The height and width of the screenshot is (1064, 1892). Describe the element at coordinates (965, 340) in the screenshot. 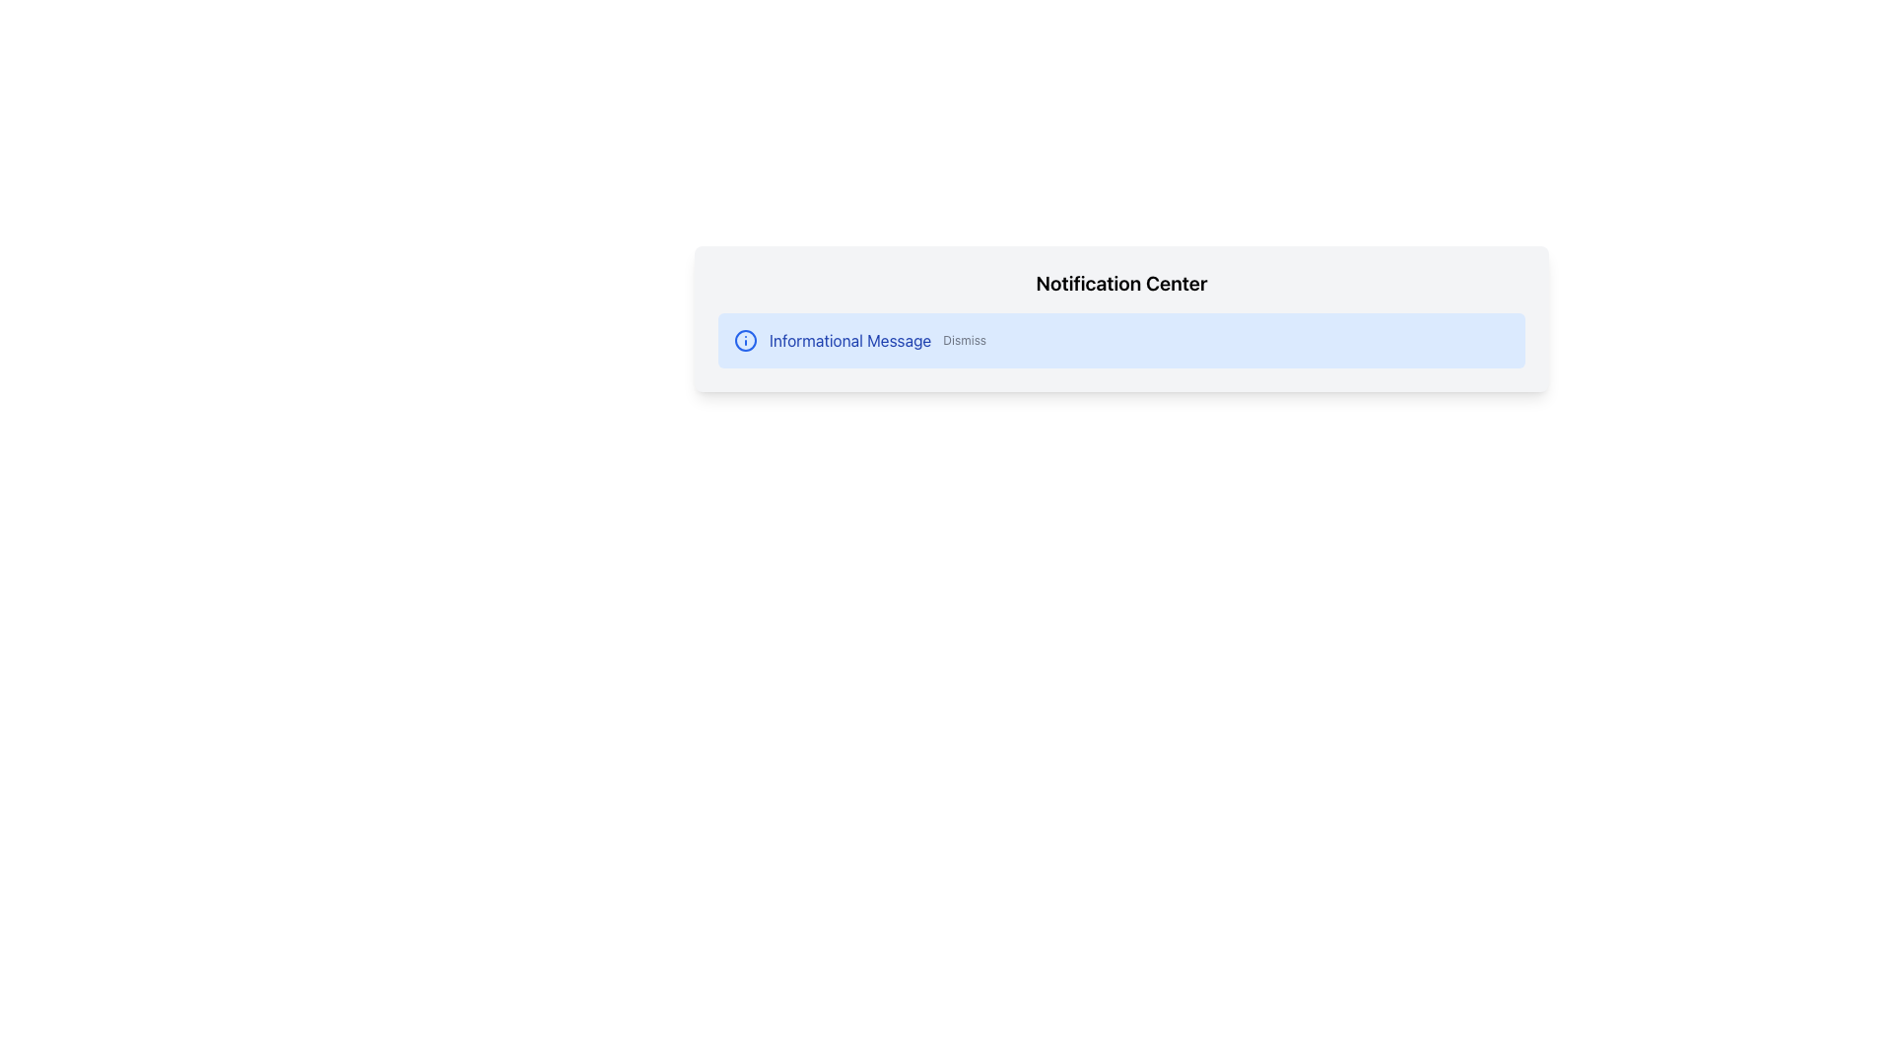

I see `the dismiss button located to the right of the message within the blue background of the notification card` at that location.